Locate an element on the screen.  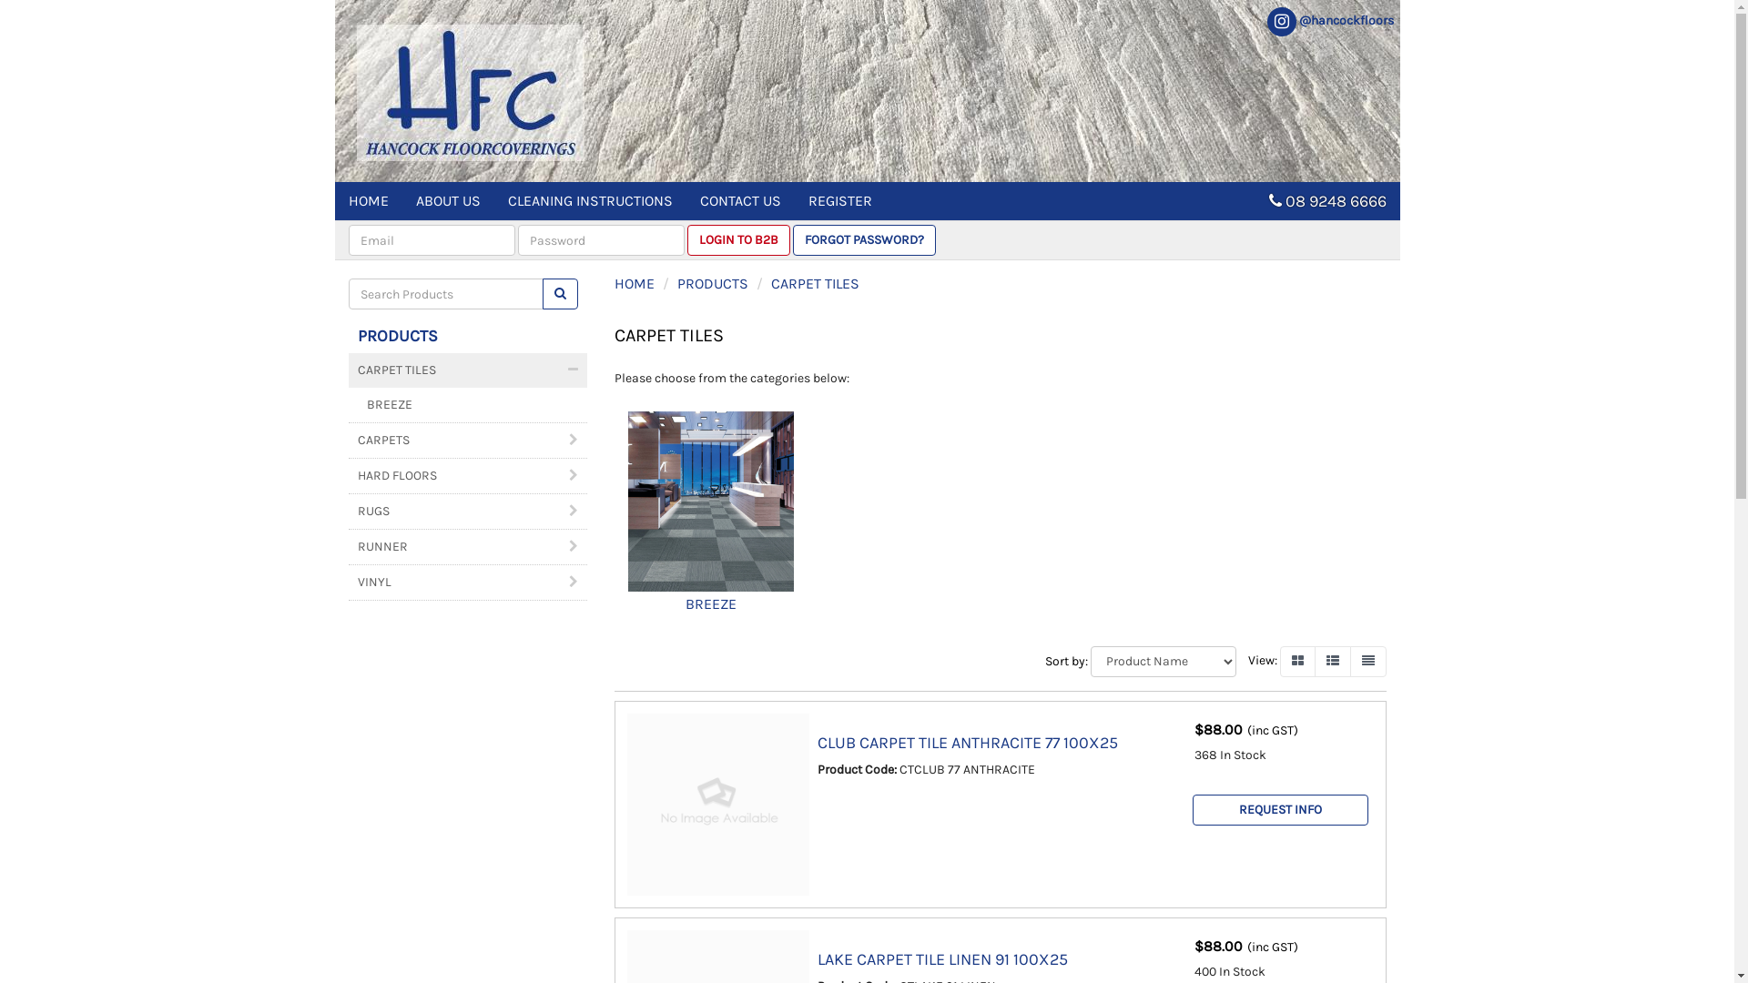
'ABOUT US' is located at coordinates (401, 200).